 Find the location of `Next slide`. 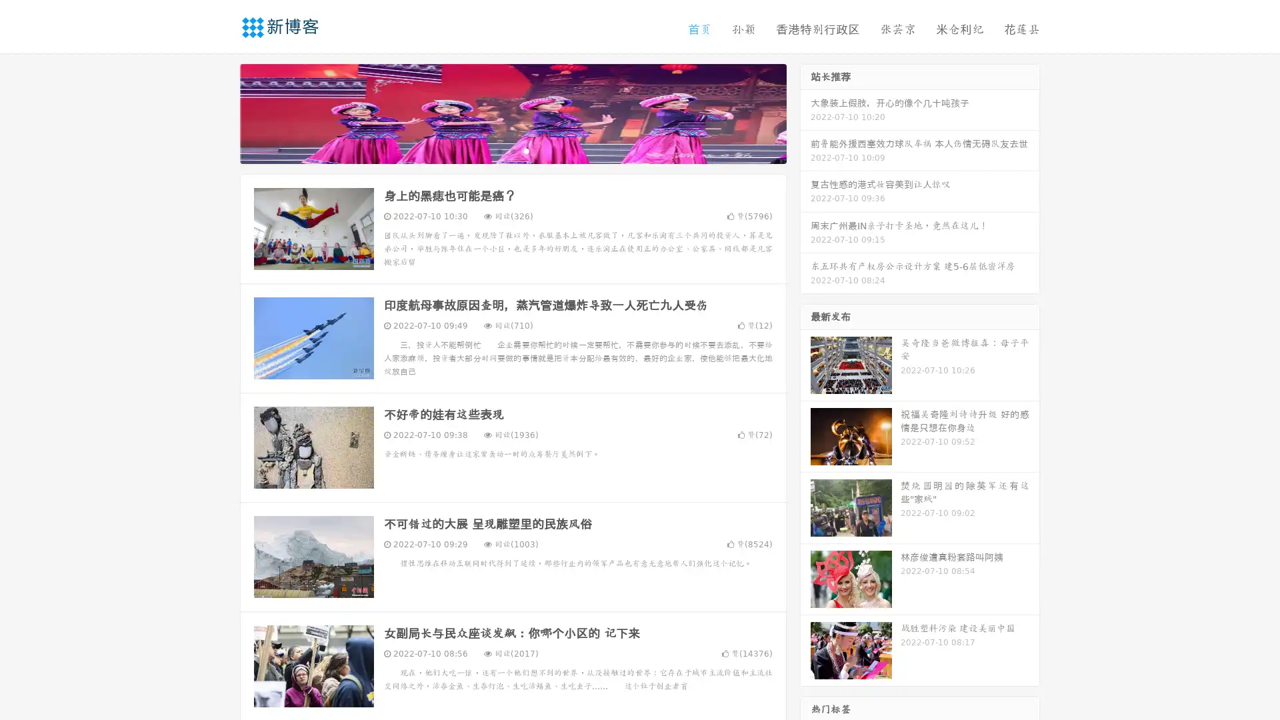

Next slide is located at coordinates (805, 112).